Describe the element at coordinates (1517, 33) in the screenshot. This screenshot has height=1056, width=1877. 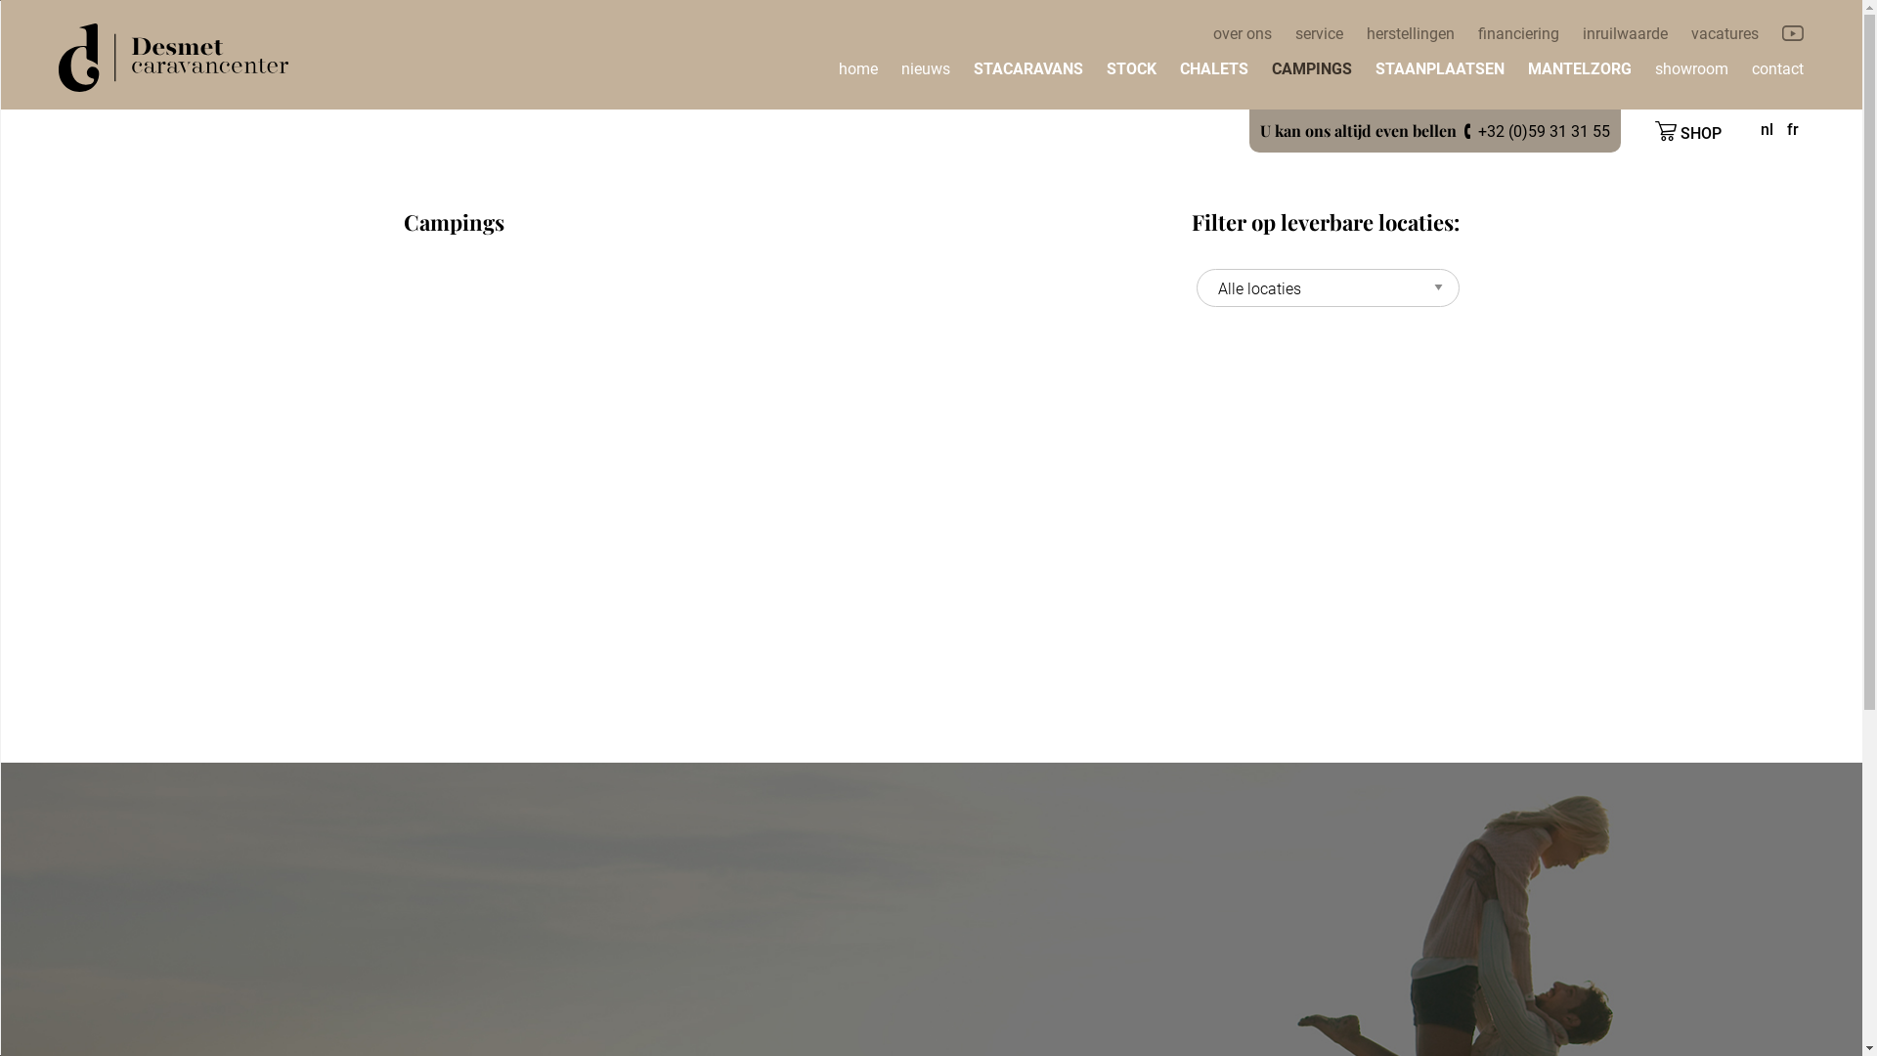
I see `'financiering'` at that location.